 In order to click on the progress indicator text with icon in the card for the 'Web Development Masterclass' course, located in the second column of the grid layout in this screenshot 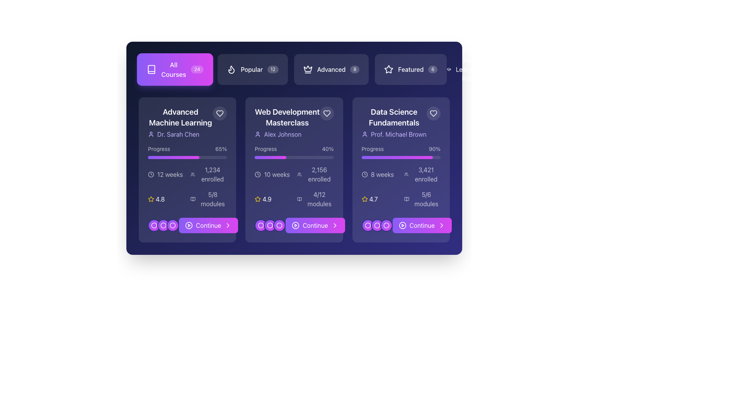, I will do `click(315, 199)`.